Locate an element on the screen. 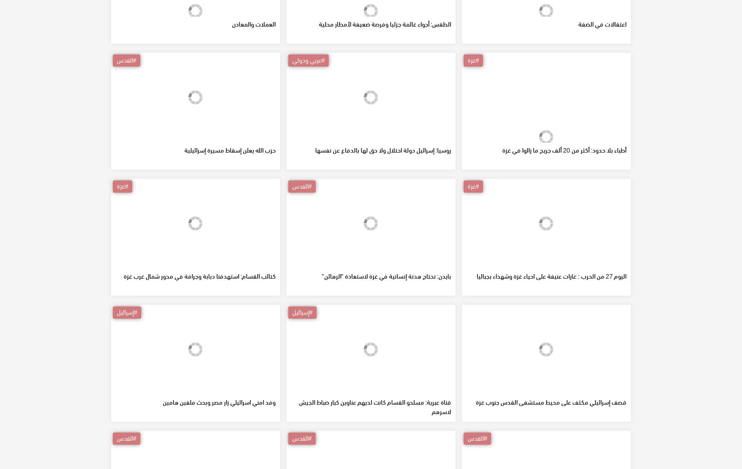 The width and height of the screenshot is (742, 469). 'الطقس: أجواء غائمة جزئيا وفرصة ضعيفة لأمطار محلية' is located at coordinates (384, 88).